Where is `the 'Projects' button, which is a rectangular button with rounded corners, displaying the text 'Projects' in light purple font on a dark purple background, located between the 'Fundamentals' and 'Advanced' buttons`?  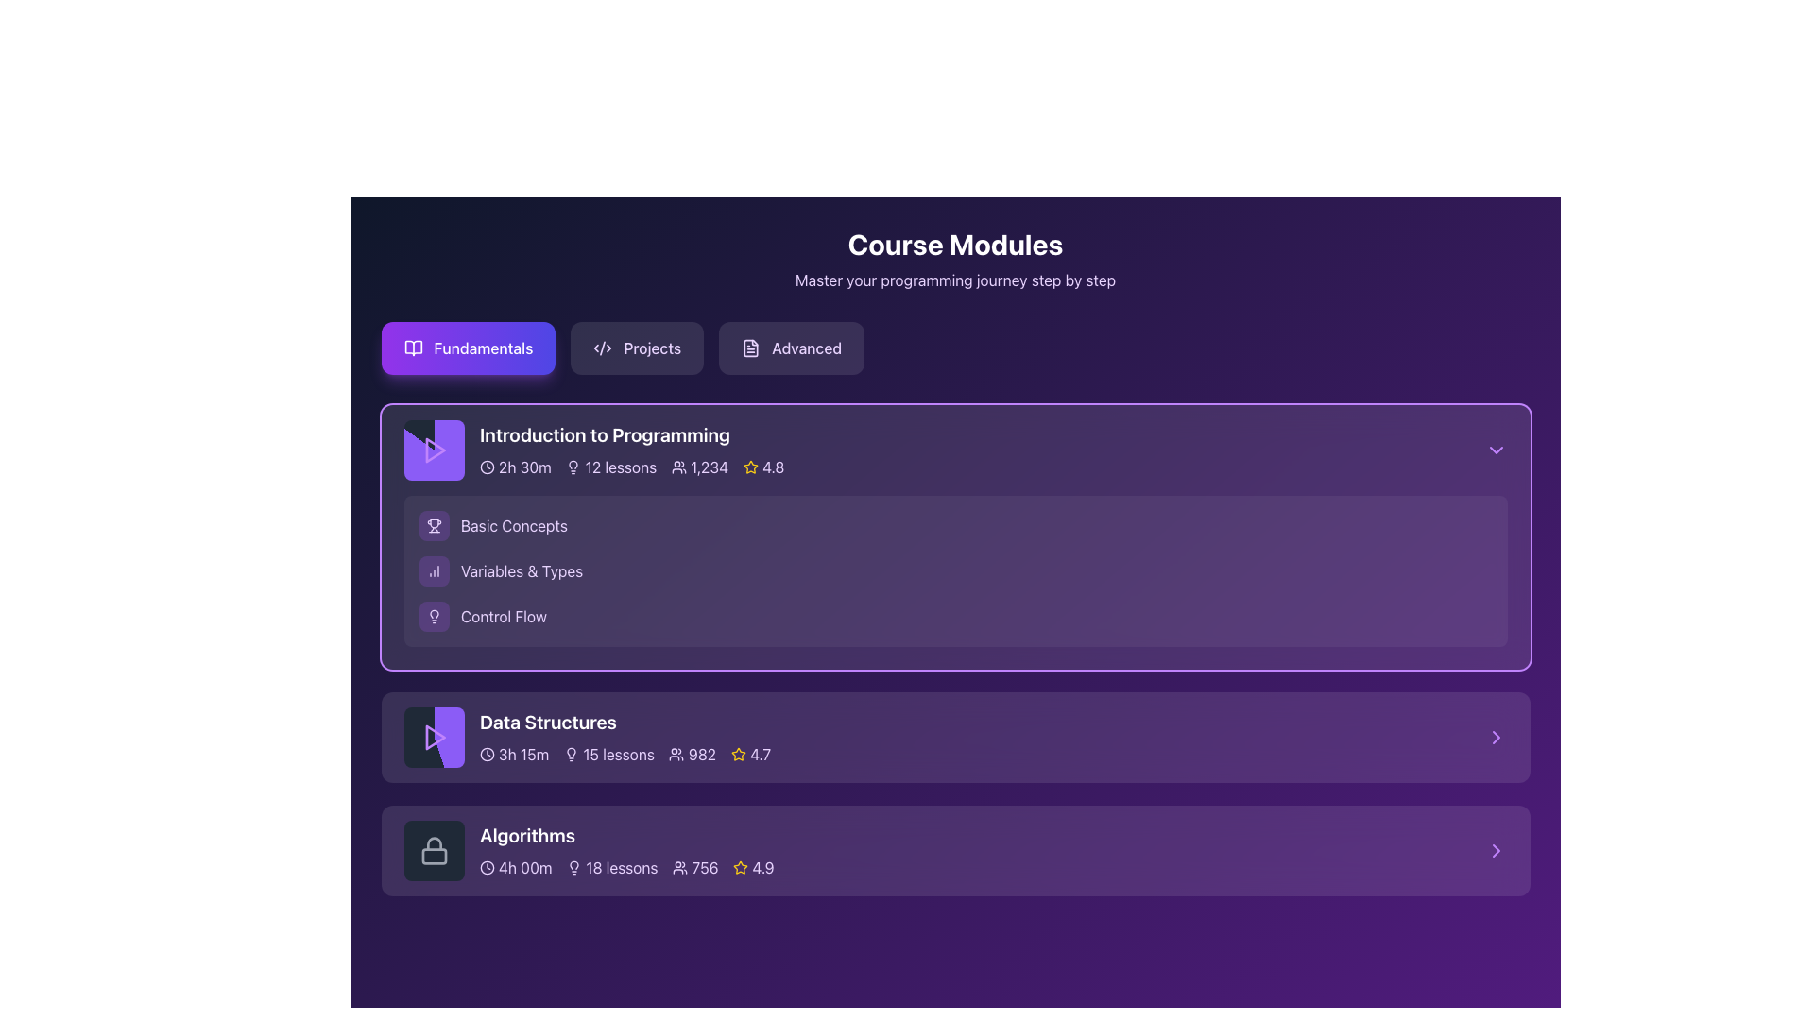
the 'Projects' button, which is a rectangular button with rounded corners, displaying the text 'Projects' in light purple font on a dark purple background, located between the 'Fundamentals' and 'Advanced' buttons is located at coordinates (637, 348).